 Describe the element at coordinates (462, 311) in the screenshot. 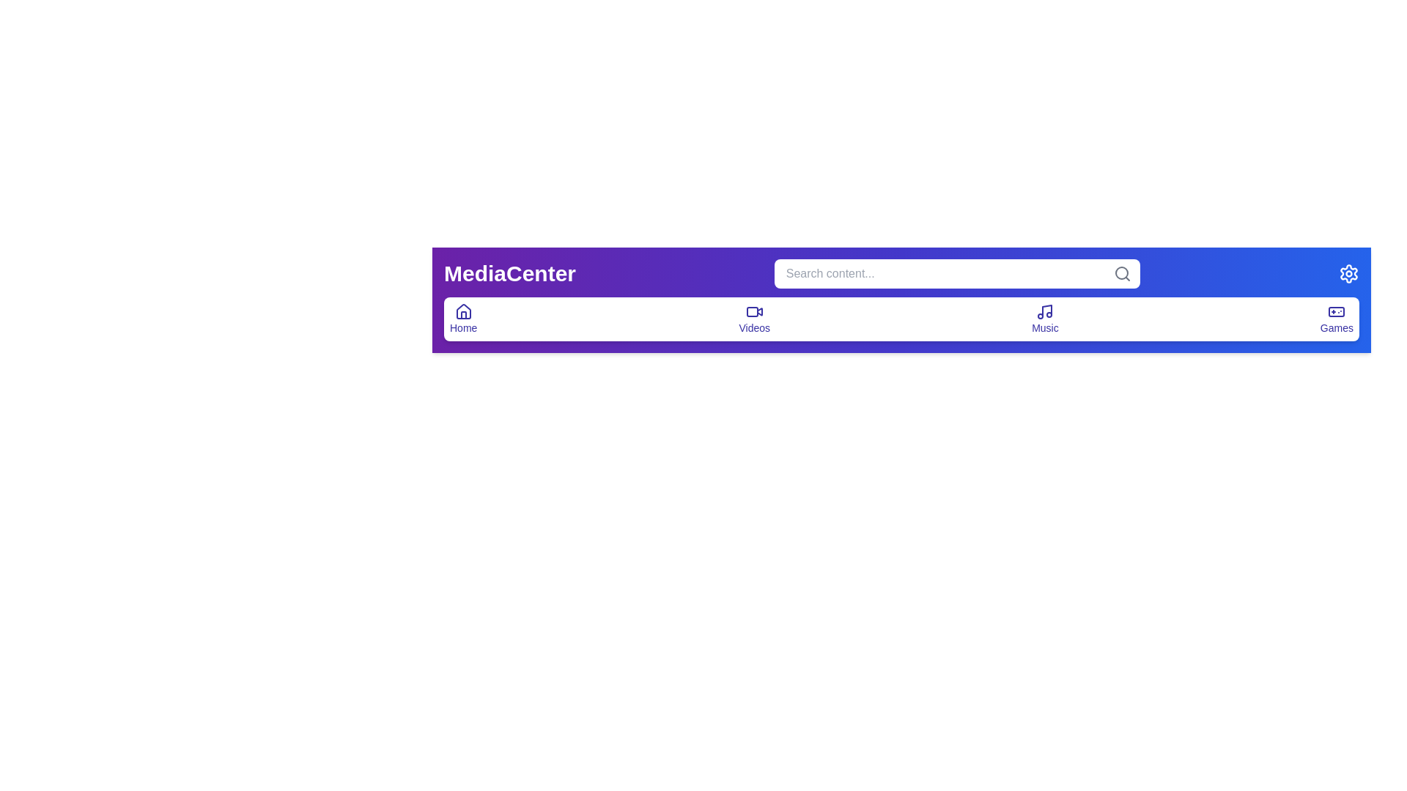

I see `the 'Home' icon to navigate to the home section` at that location.